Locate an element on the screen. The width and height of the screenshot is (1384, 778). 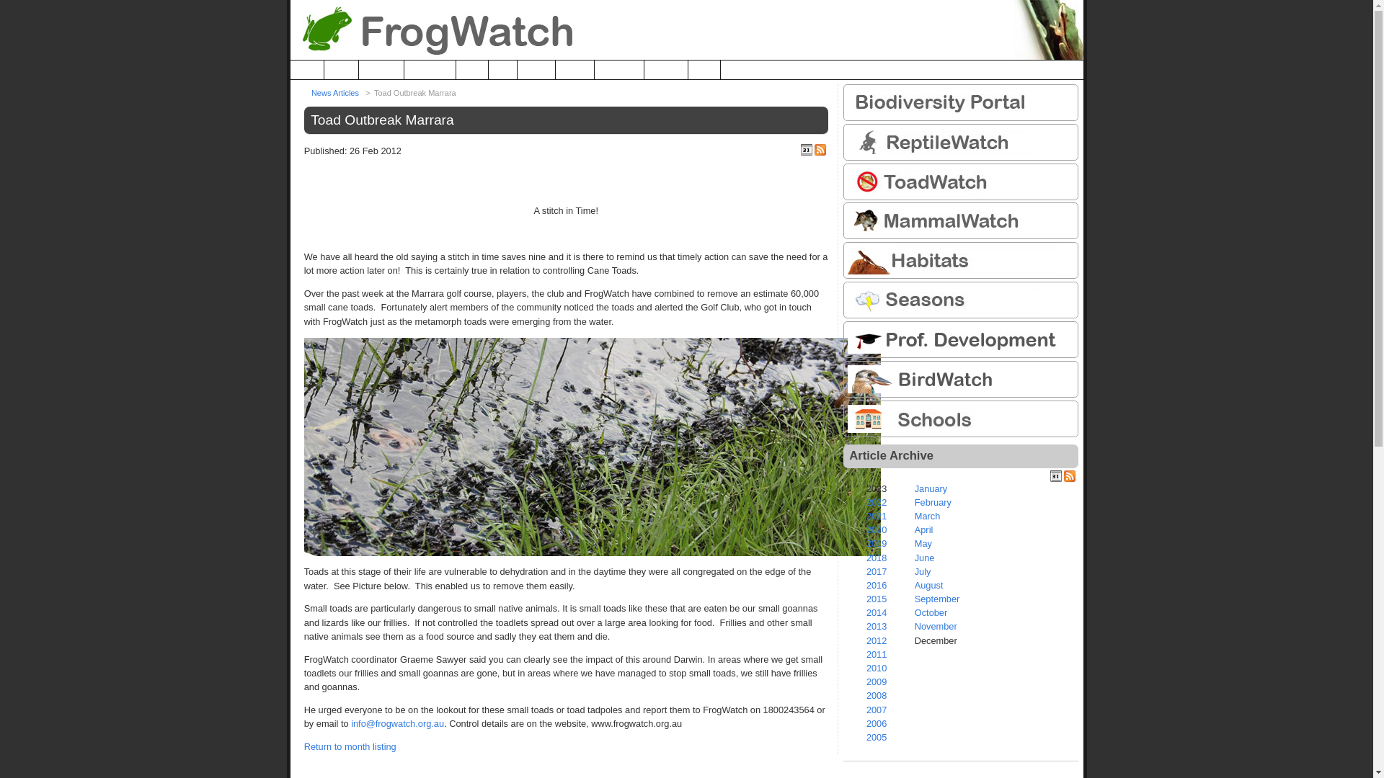
'News Articles' is located at coordinates (311, 92).